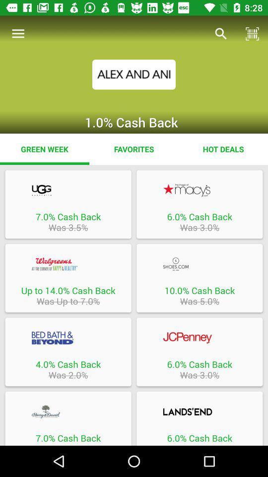  Describe the element at coordinates (200, 263) in the screenshot. I see `open the shoes.com website` at that location.